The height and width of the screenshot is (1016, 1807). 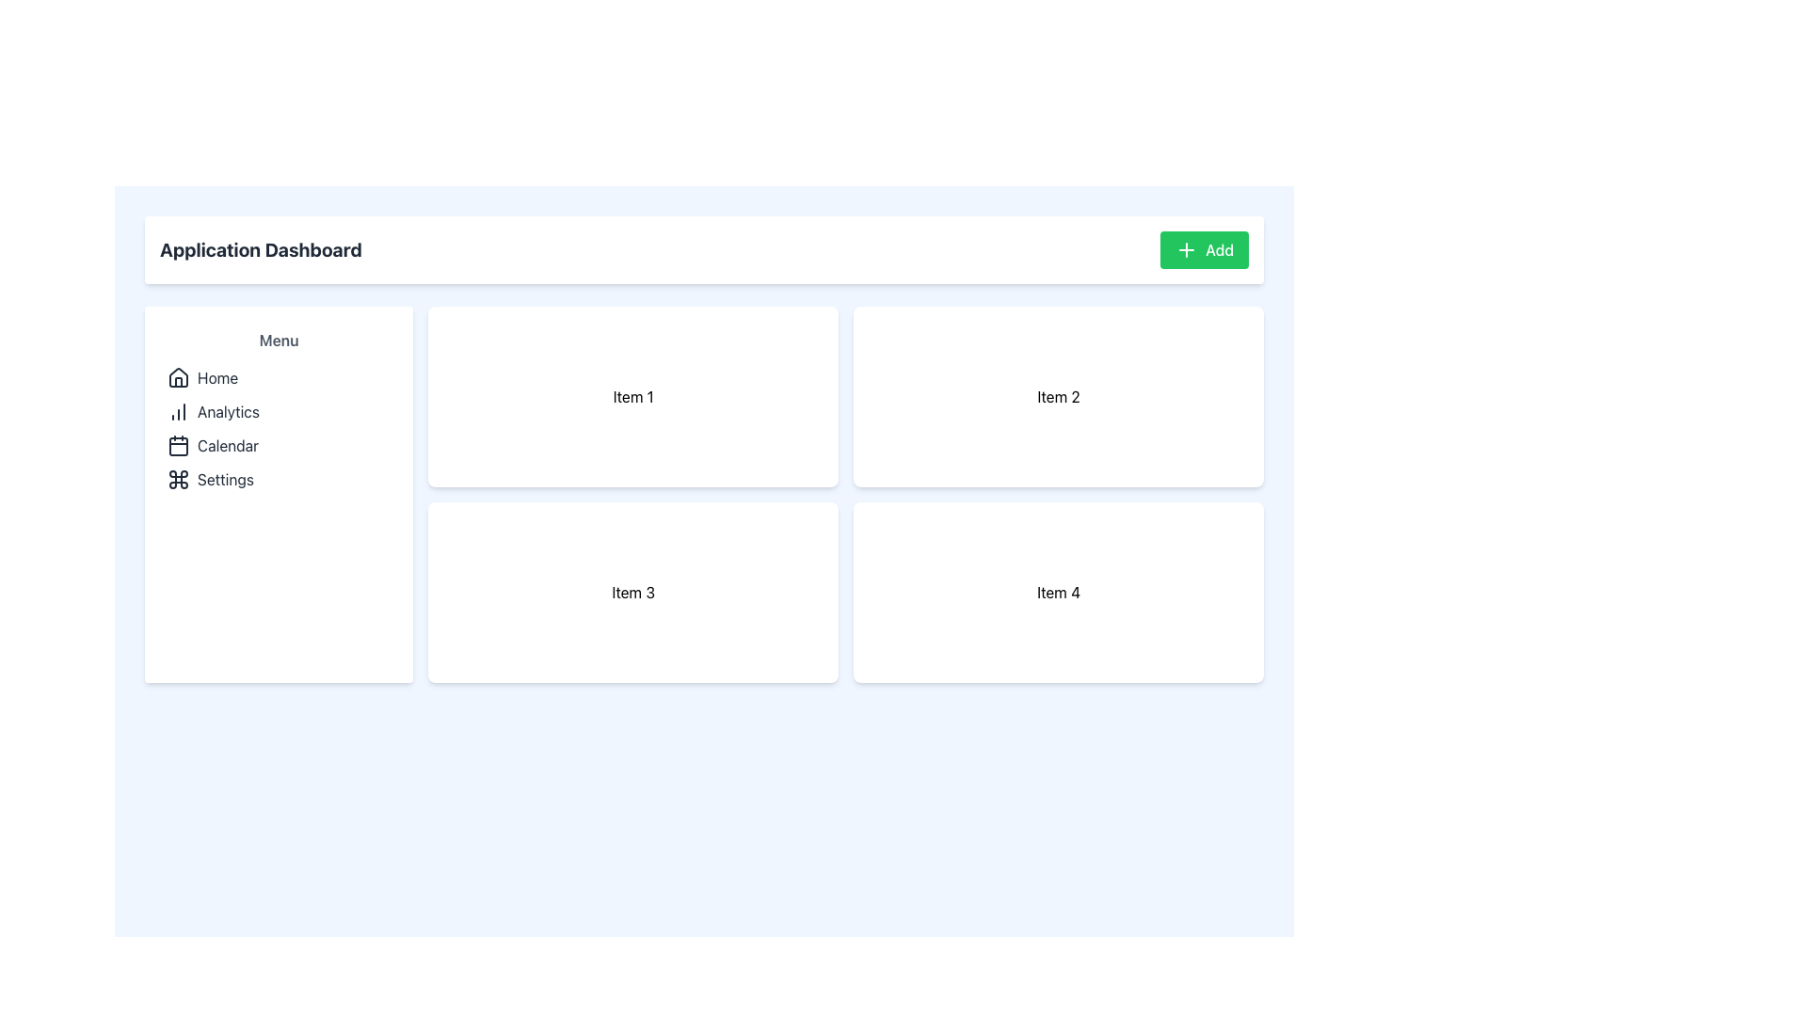 What do you see at coordinates (179, 478) in the screenshot?
I see `the decorative 'Settings' icon located in the sidebar menu, specifically as the fourth item below the 'Calendar' icon` at bounding box center [179, 478].